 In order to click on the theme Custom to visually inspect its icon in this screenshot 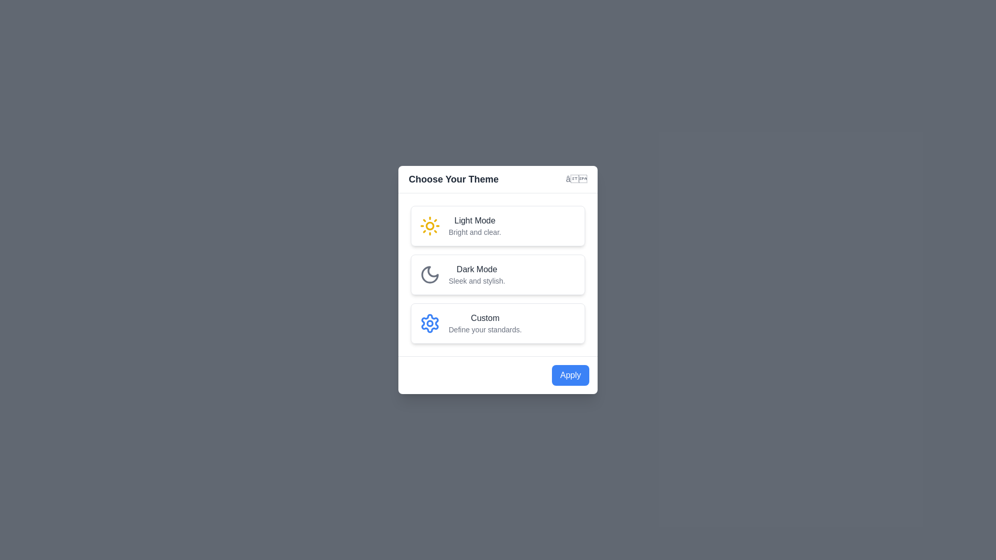, I will do `click(498, 323)`.